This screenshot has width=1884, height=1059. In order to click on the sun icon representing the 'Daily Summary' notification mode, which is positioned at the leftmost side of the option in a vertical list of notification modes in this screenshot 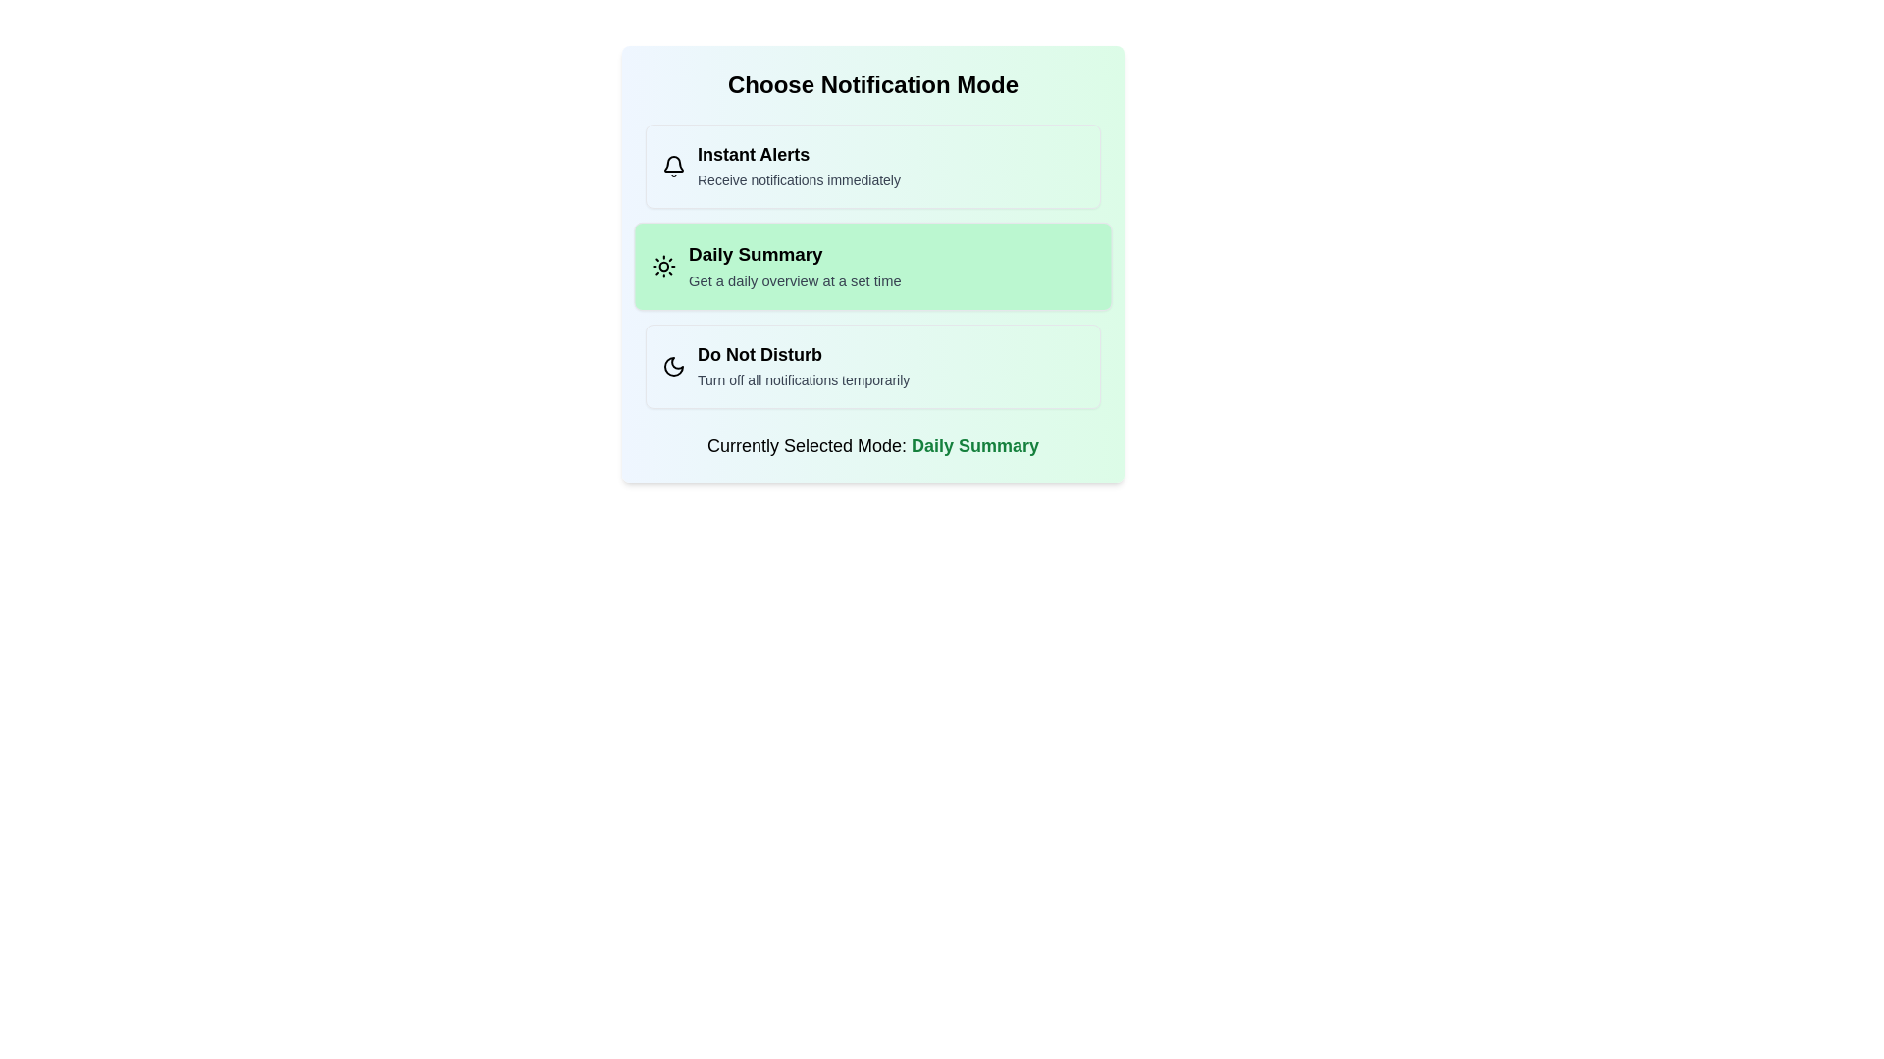, I will do `click(663, 267)`.